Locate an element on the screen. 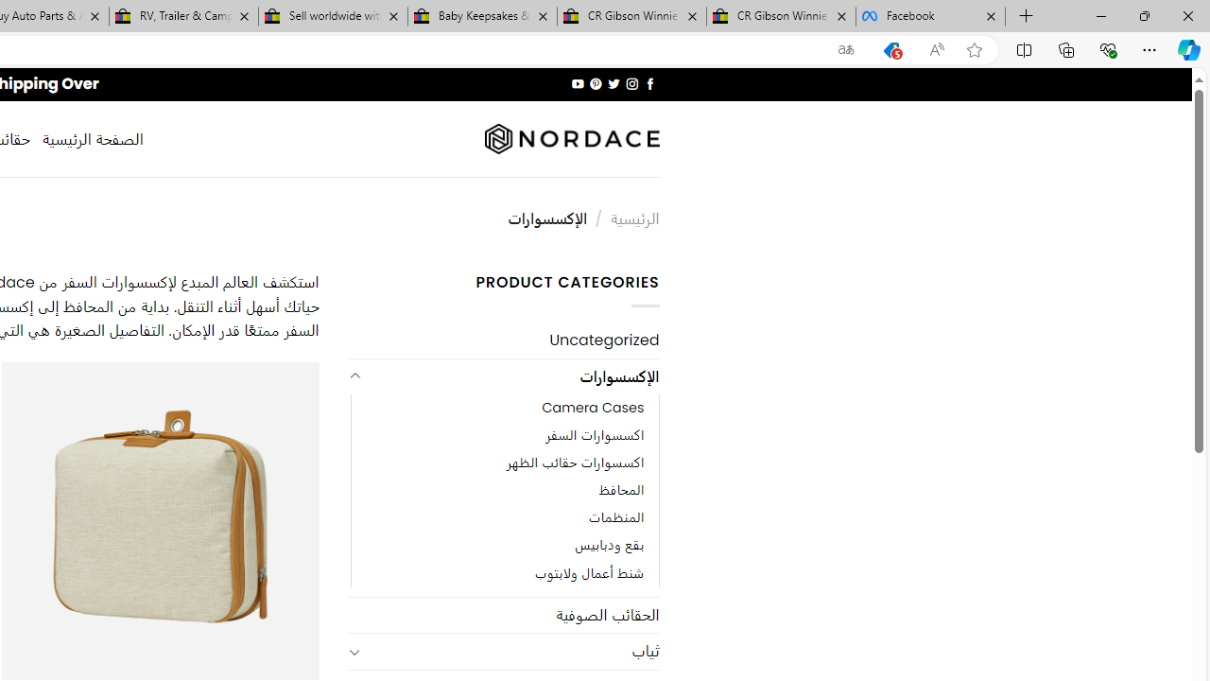 The image size is (1210, 681). 'Read aloud this page (Ctrl+Shift+U)' is located at coordinates (937, 49).